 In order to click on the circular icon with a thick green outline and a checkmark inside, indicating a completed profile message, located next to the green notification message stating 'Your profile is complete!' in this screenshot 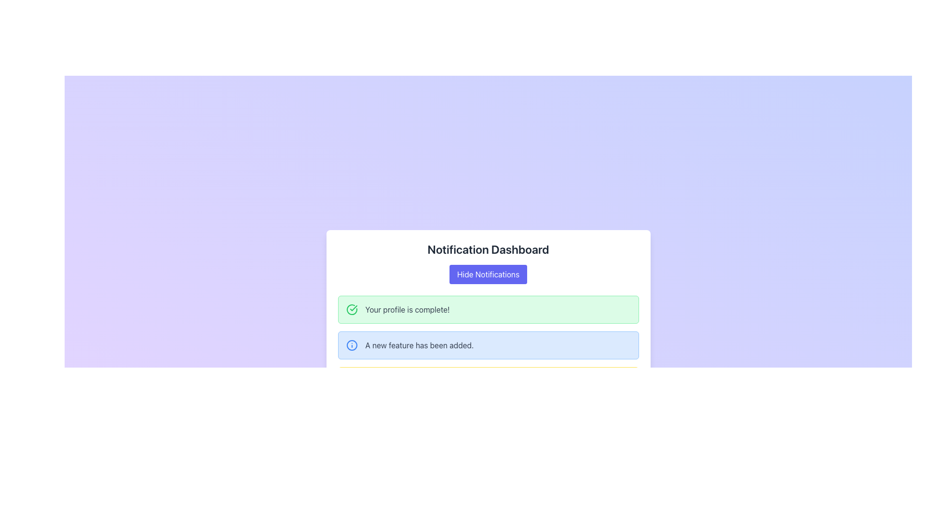, I will do `click(351, 309)`.